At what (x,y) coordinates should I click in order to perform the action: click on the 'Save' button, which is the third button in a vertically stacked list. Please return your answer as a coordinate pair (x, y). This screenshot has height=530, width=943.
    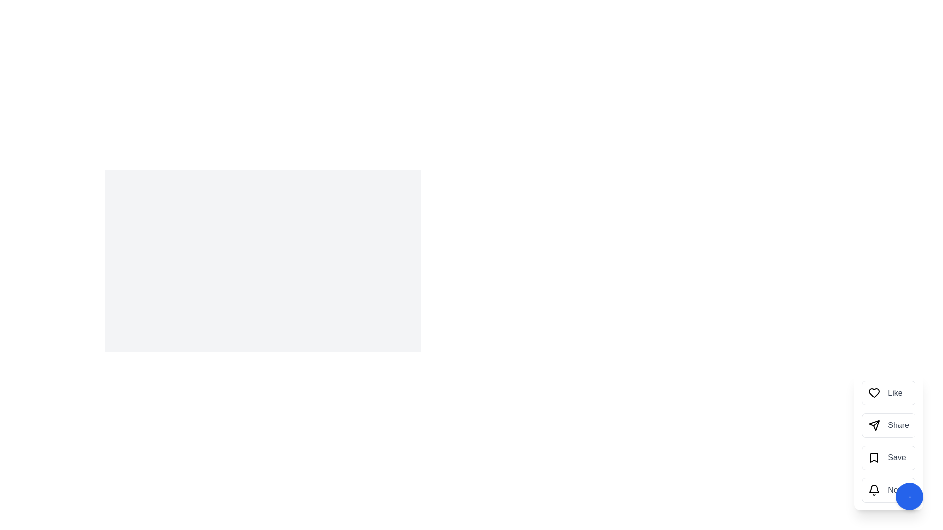
    Looking at the image, I should click on (888, 458).